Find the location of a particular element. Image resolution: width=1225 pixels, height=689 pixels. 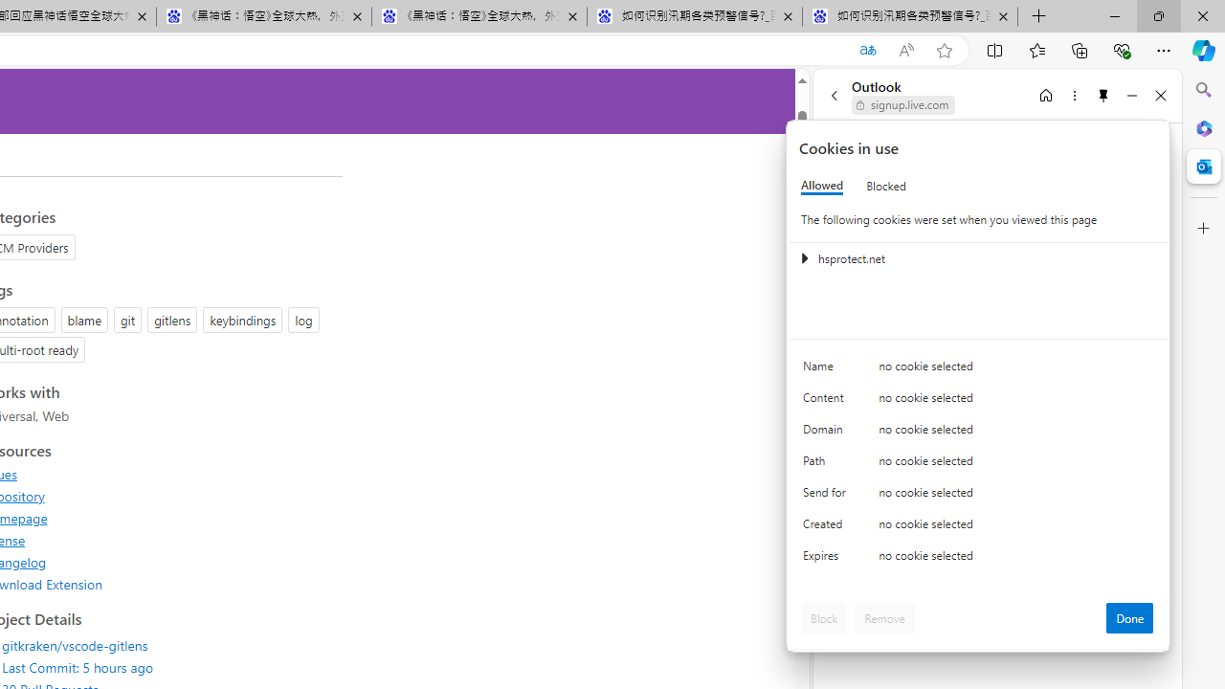

'Done' is located at coordinates (1129, 617).